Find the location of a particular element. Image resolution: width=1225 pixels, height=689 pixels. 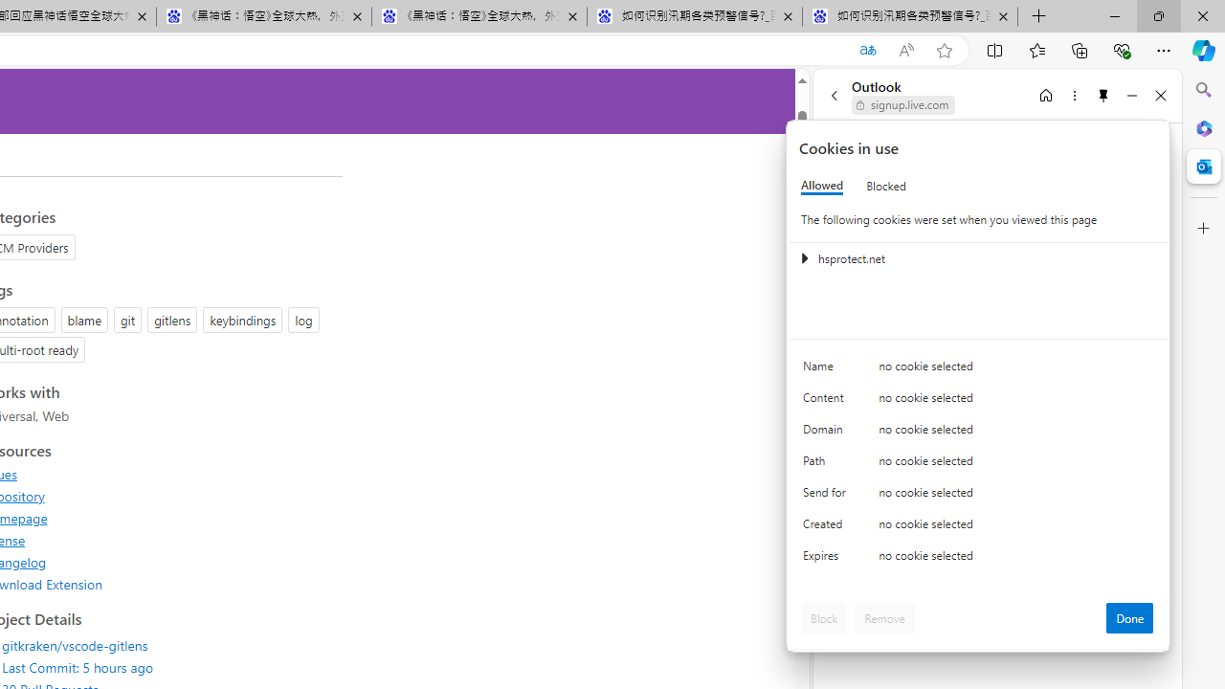

'Done' is located at coordinates (1129, 617).